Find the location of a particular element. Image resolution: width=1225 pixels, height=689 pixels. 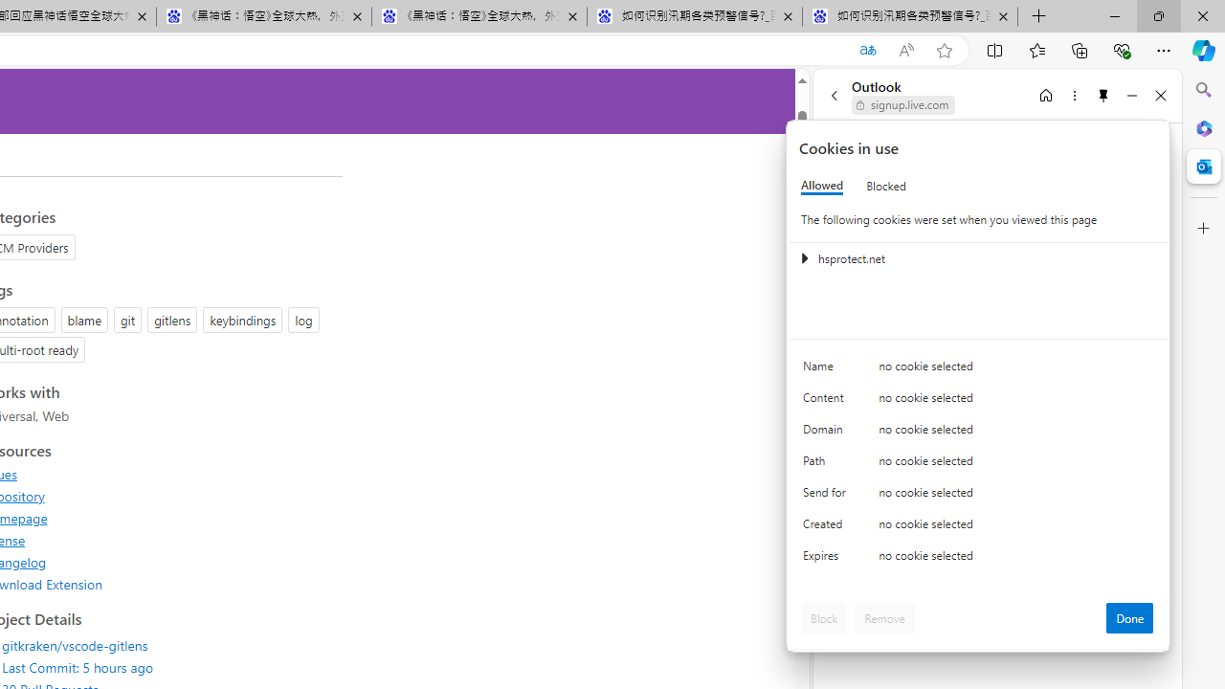

'Done' is located at coordinates (1129, 617).